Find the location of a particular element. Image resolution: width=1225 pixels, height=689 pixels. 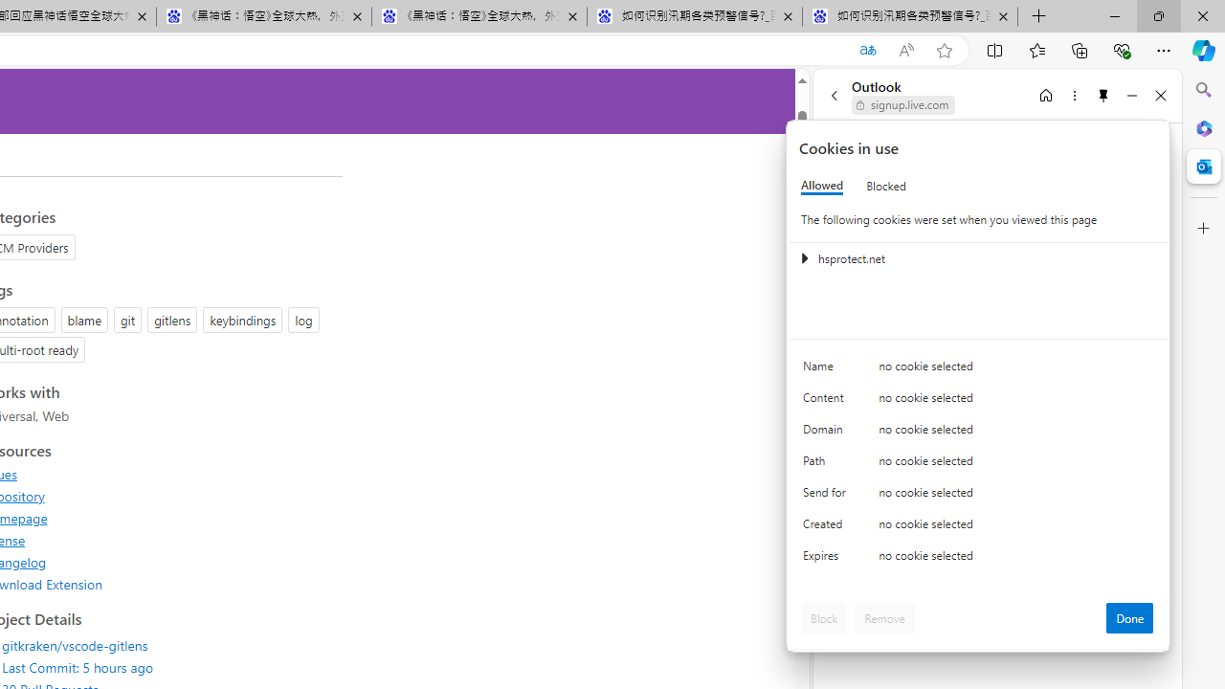

'Done' is located at coordinates (1129, 617).